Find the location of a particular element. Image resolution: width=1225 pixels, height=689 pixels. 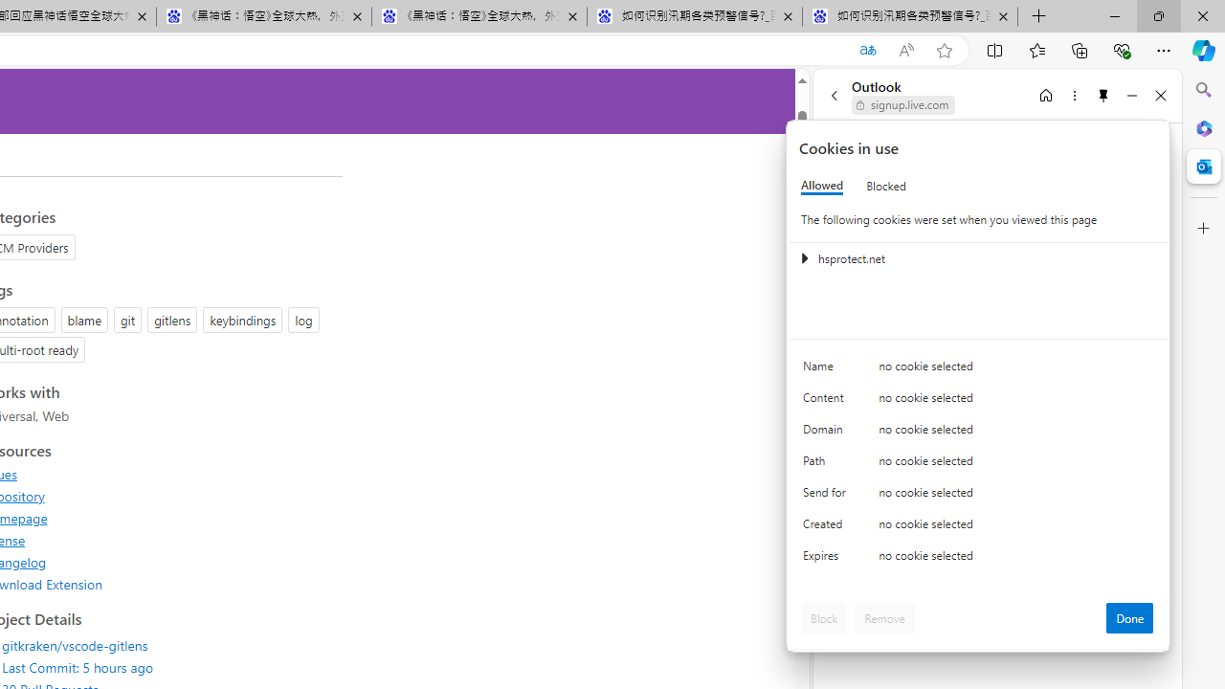

'Done' is located at coordinates (1129, 617).